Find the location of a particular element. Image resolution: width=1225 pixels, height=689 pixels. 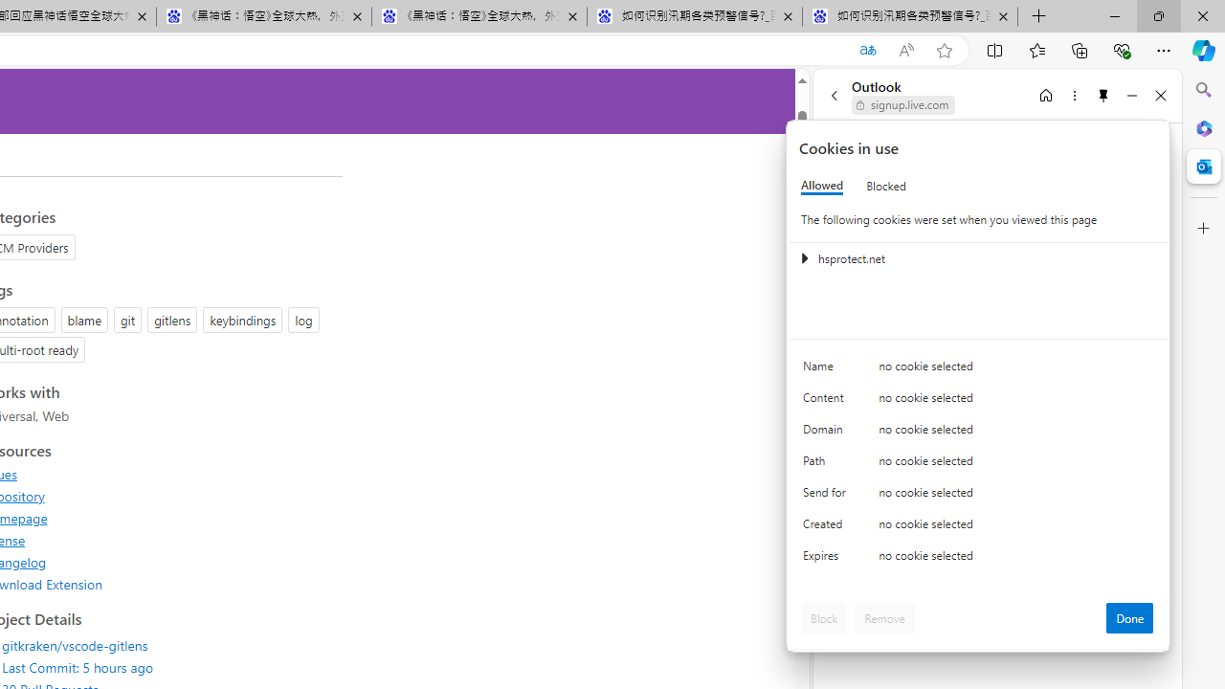

'Done' is located at coordinates (1129, 617).